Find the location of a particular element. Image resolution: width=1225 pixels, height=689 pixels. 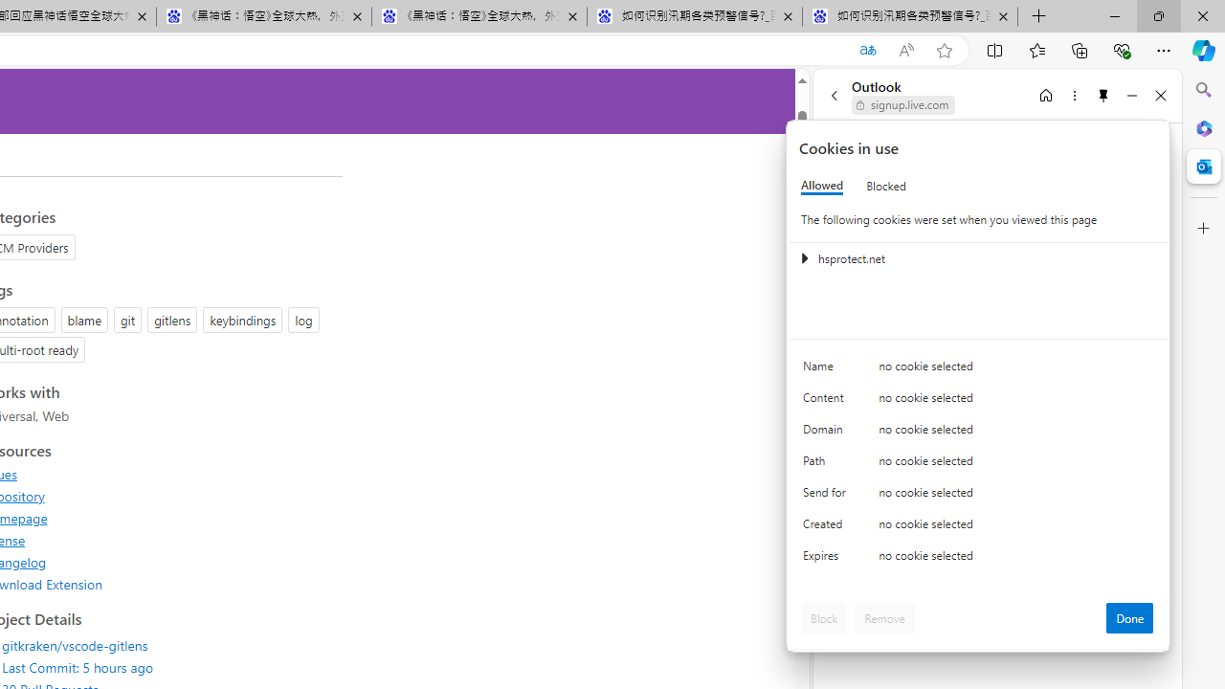

'Done' is located at coordinates (1129, 617).